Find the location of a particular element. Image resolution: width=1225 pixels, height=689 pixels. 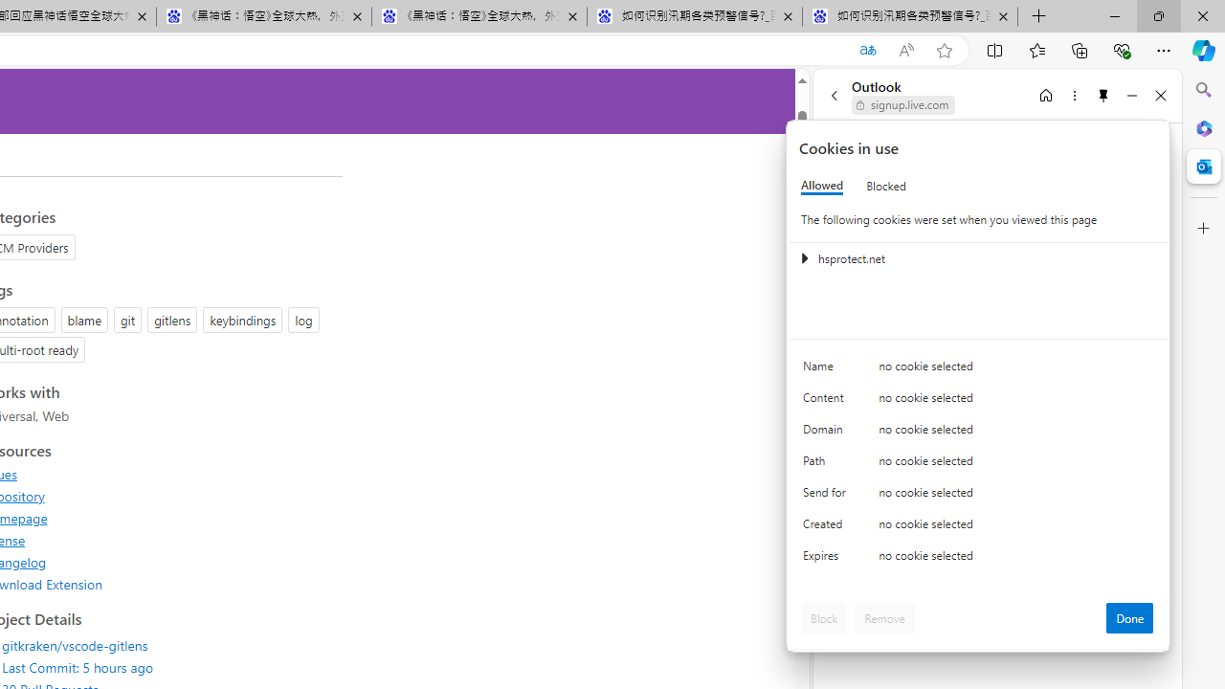

'Done' is located at coordinates (1129, 617).